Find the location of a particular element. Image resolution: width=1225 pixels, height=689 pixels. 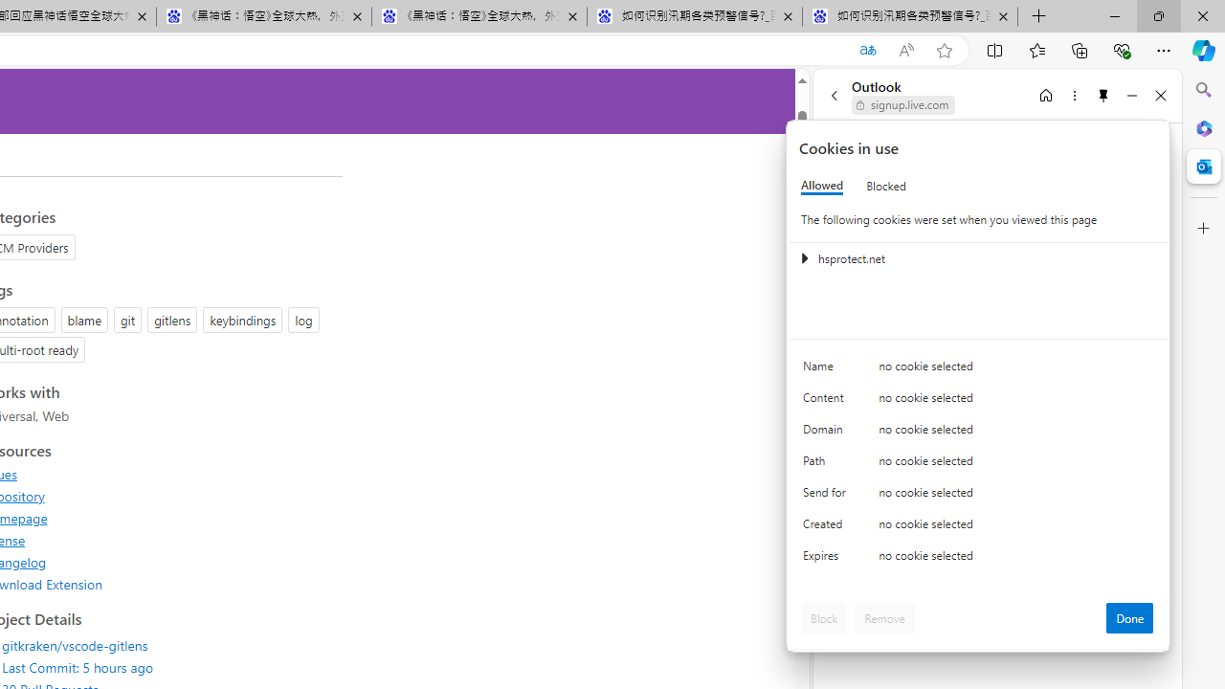

'Done' is located at coordinates (1129, 617).